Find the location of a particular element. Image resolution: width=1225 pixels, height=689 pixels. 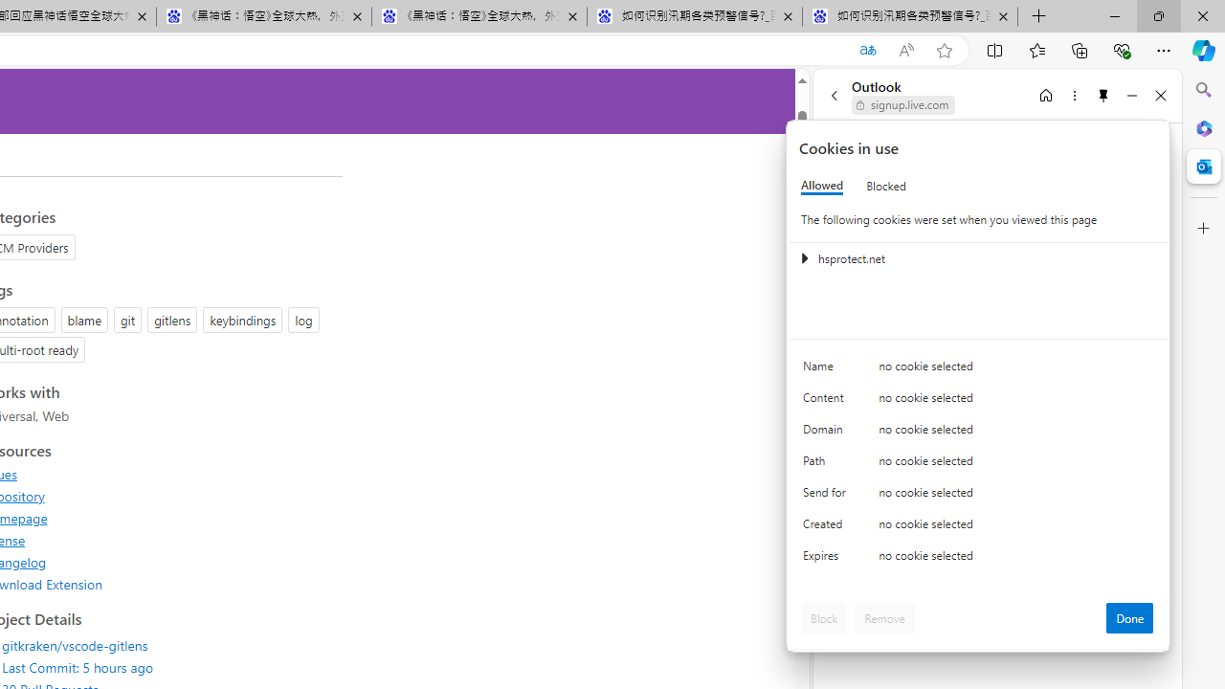

'Done' is located at coordinates (1129, 617).